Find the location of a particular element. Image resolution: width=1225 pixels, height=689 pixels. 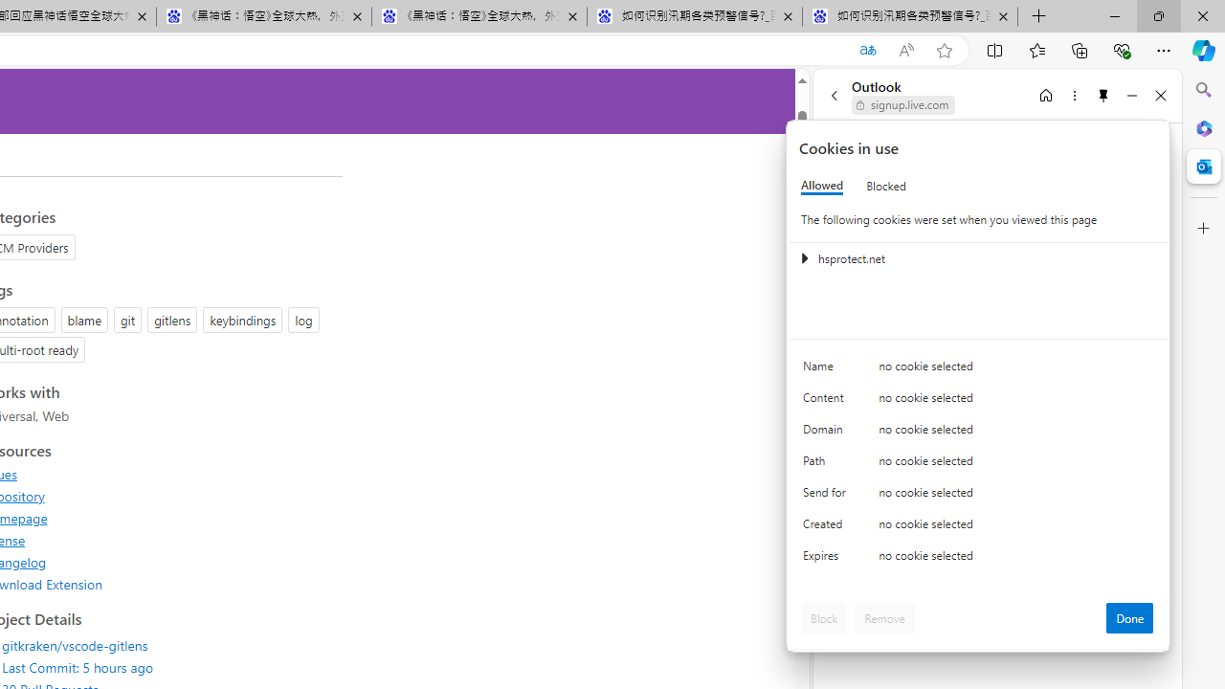

'Done' is located at coordinates (1129, 617).